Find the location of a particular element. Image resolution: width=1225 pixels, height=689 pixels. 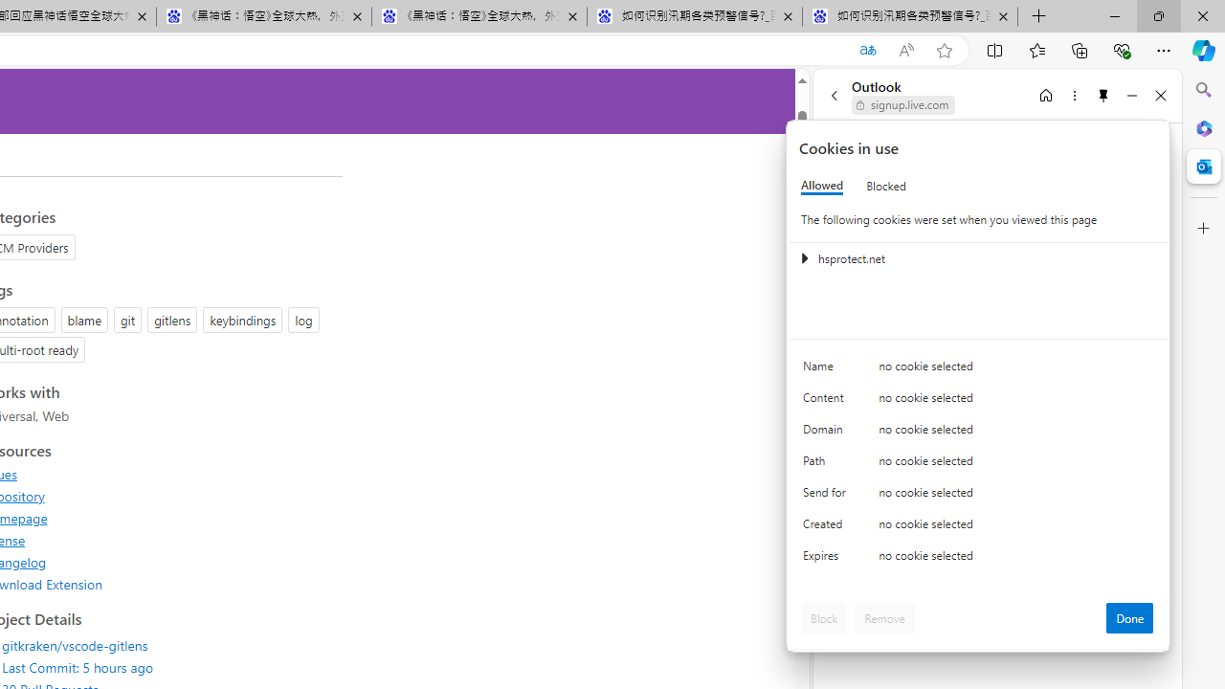

'Done' is located at coordinates (1129, 617).